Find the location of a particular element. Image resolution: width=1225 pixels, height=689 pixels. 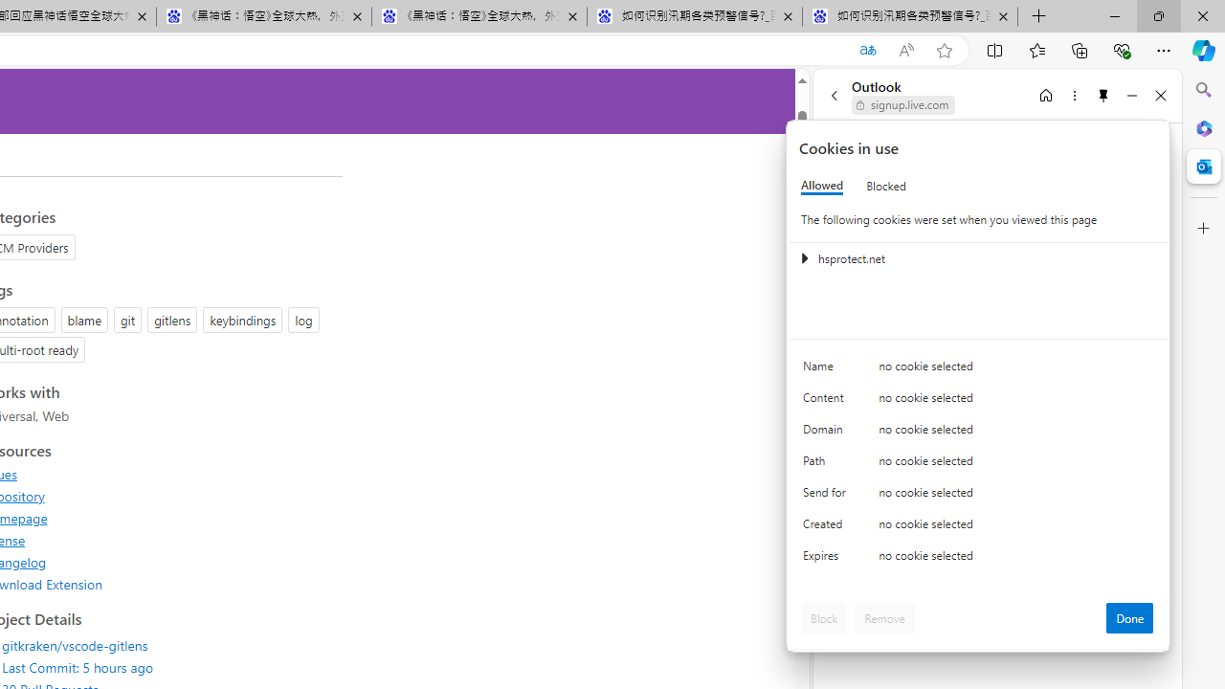

'Done' is located at coordinates (1129, 617).